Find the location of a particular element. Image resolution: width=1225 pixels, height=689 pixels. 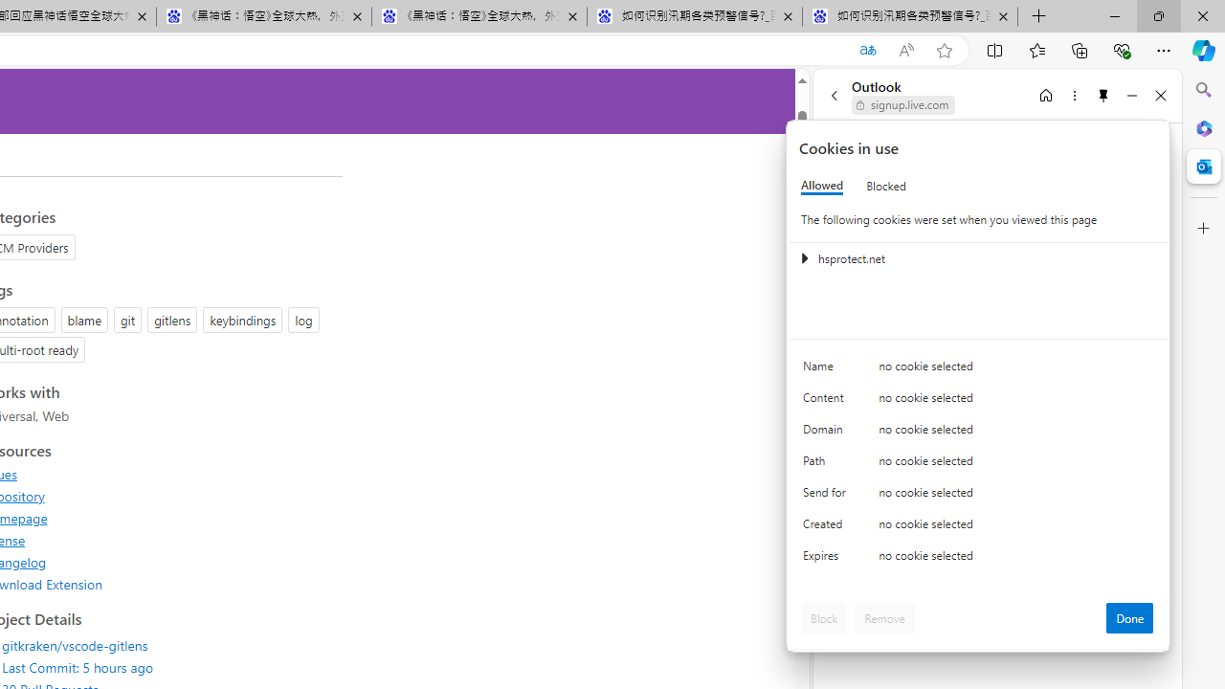

'Done' is located at coordinates (1129, 617).